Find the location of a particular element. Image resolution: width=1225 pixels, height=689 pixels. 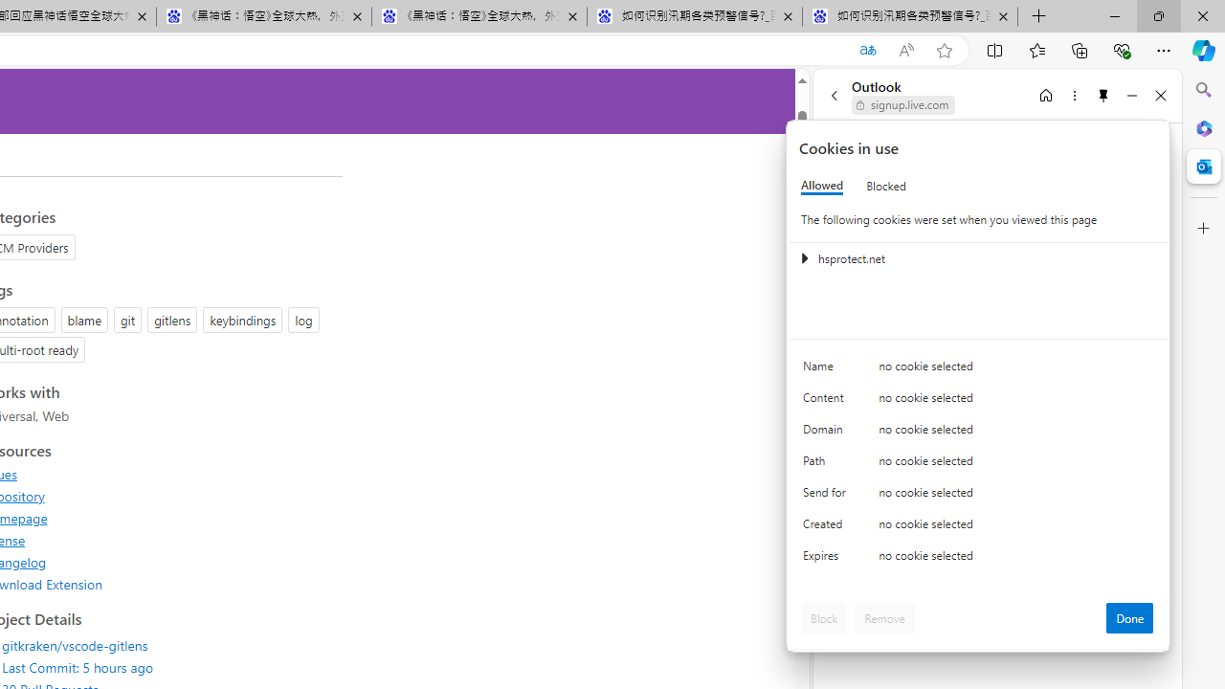

'Done' is located at coordinates (1129, 617).